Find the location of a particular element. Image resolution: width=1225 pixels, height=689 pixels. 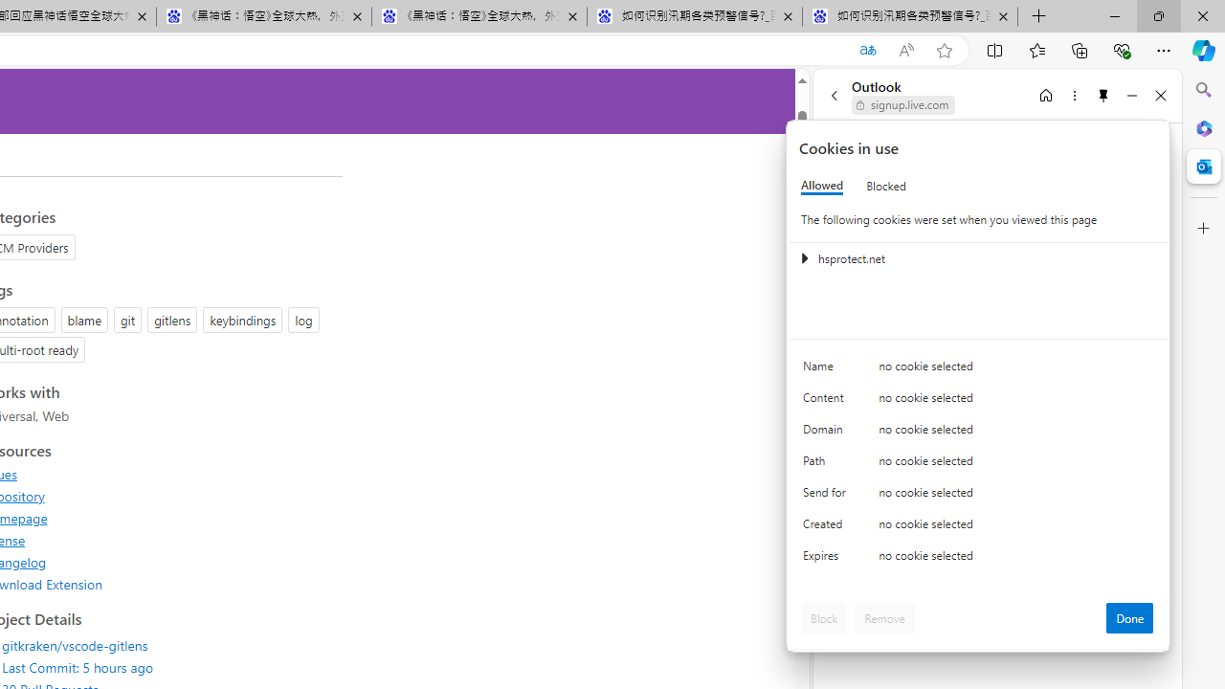

'Done' is located at coordinates (1129, 617).